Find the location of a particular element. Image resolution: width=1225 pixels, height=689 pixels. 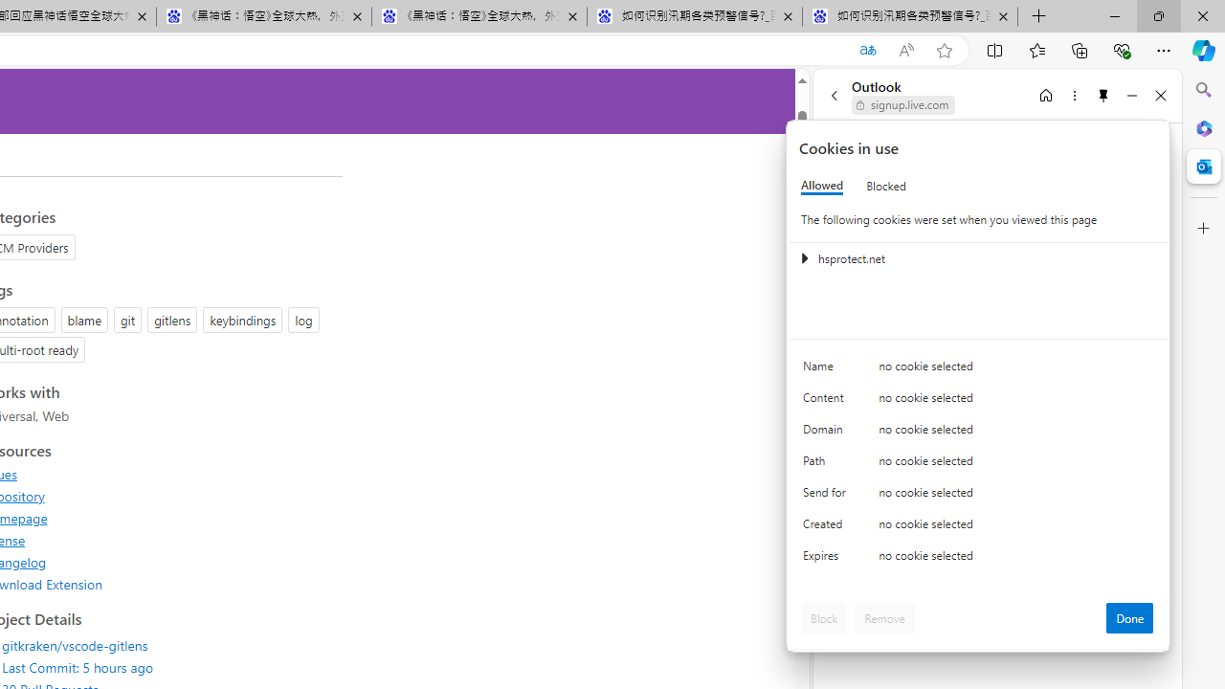

'Done' is located at coordinates (1129, 617).